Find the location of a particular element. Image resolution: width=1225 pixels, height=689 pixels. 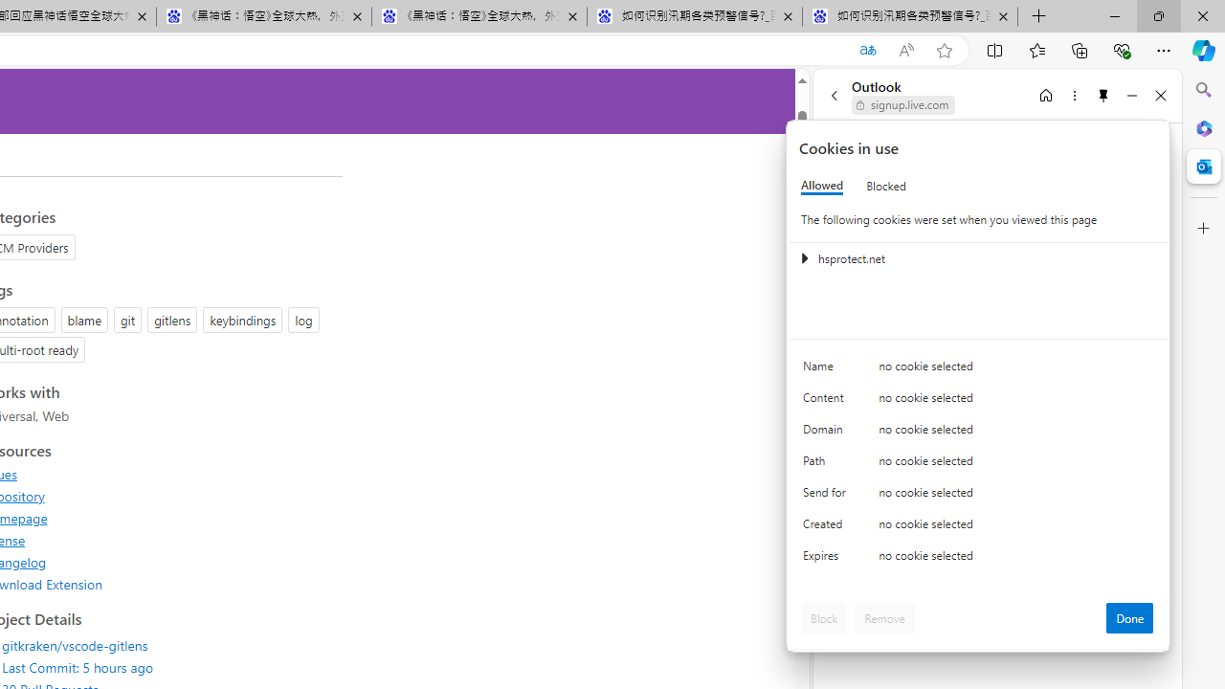

'Done' is located at coordinates (1129, 617).